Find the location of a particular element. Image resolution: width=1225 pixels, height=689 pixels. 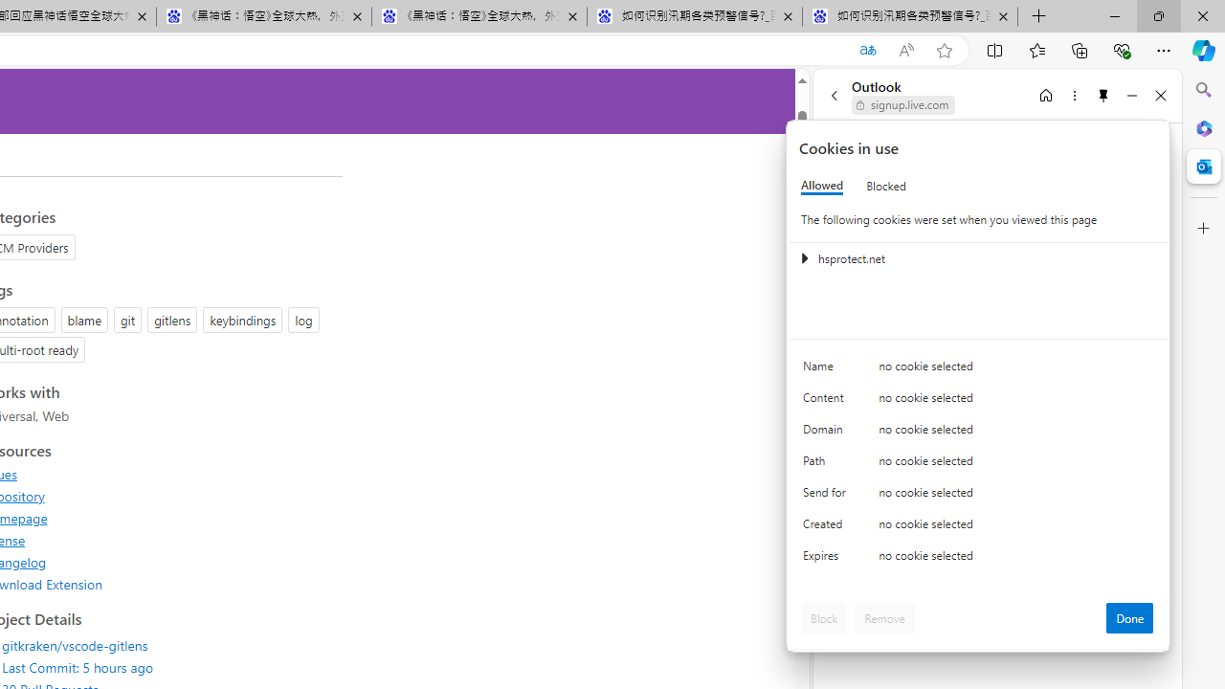

'Done' is located at coordinates (1129, 617).